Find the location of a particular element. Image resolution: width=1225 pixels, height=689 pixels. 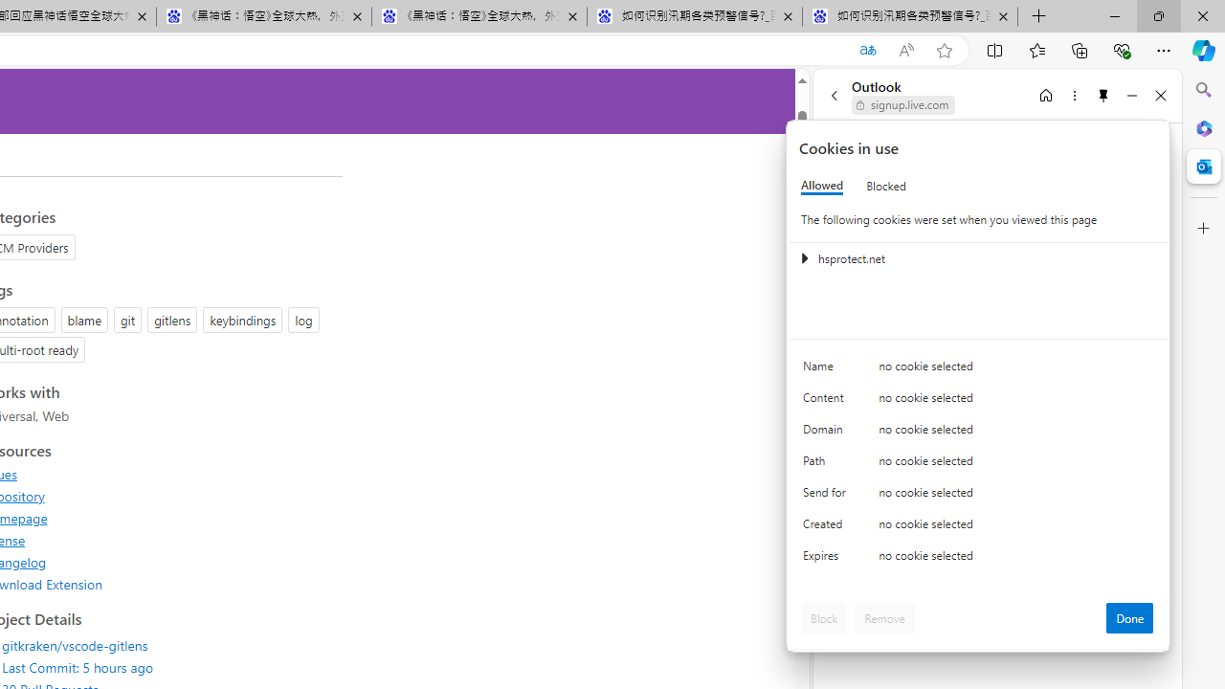

'Done' is located at coordinates (1129, 617).